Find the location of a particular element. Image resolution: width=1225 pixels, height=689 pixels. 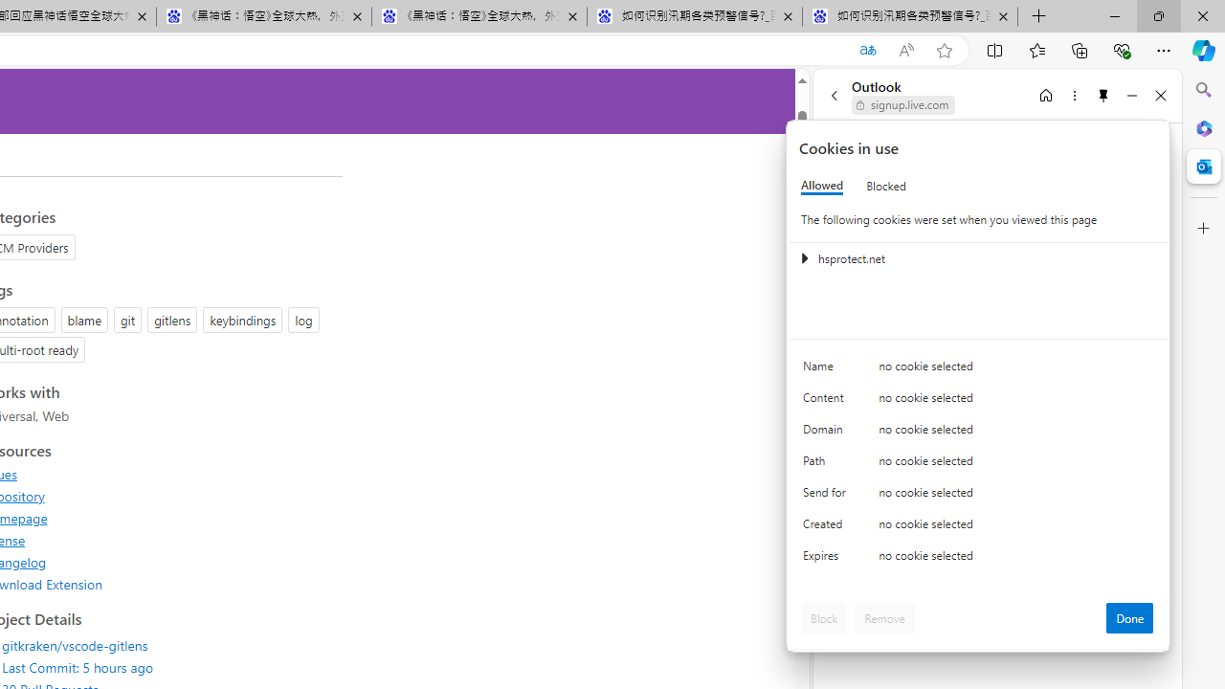

'Done' is located at coordinates (1129, 617).